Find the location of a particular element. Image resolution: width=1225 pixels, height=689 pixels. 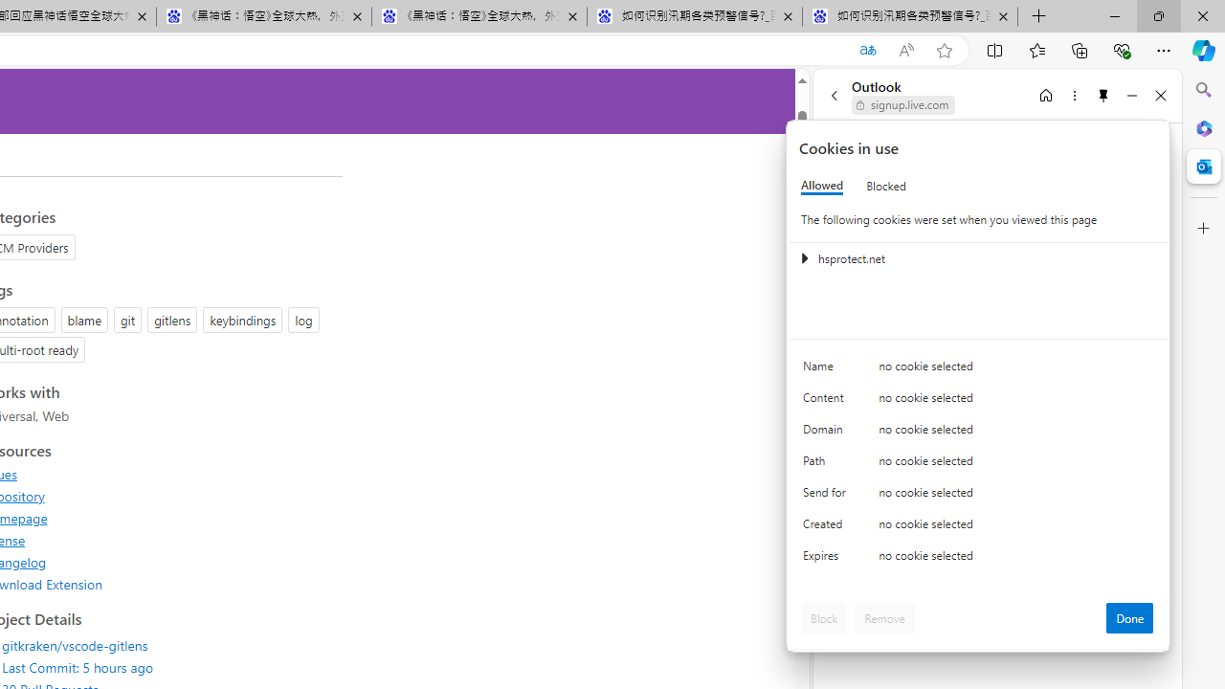

'Done' is located at coordinates (1129, 617).